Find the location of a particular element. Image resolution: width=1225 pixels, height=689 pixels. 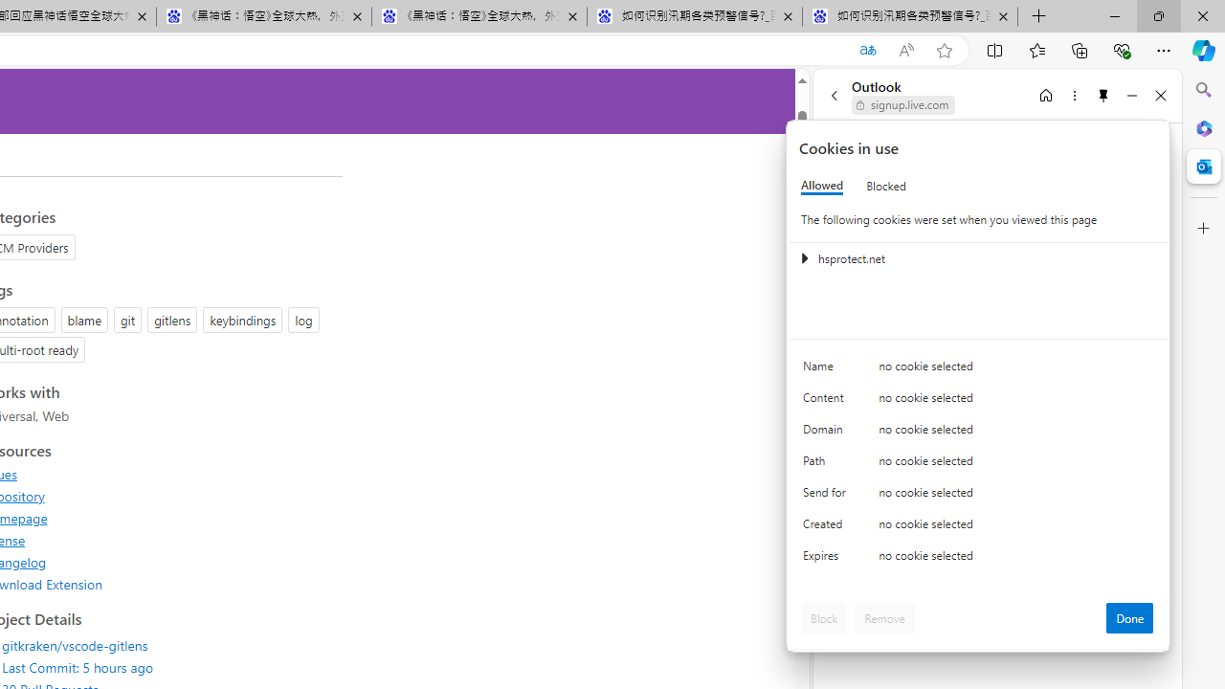

'Done' is located at coordinates (1129, 617).